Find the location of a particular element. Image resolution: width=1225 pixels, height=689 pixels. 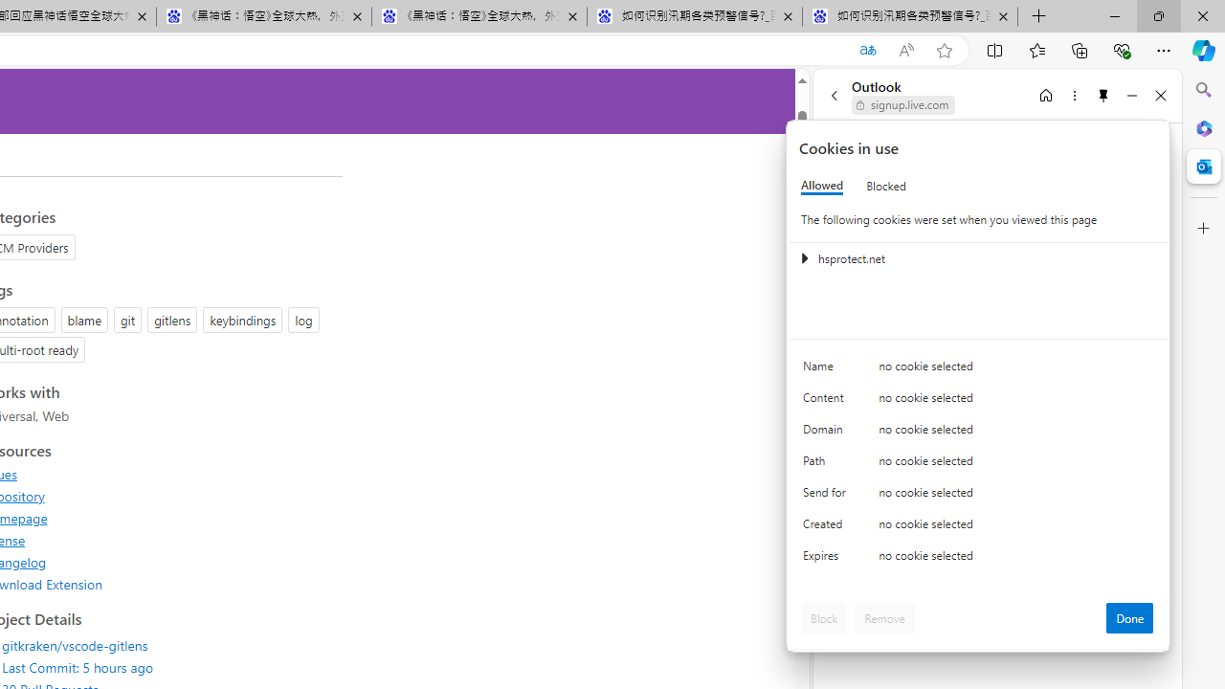

'Done' is located at coordinates (1129, 617).